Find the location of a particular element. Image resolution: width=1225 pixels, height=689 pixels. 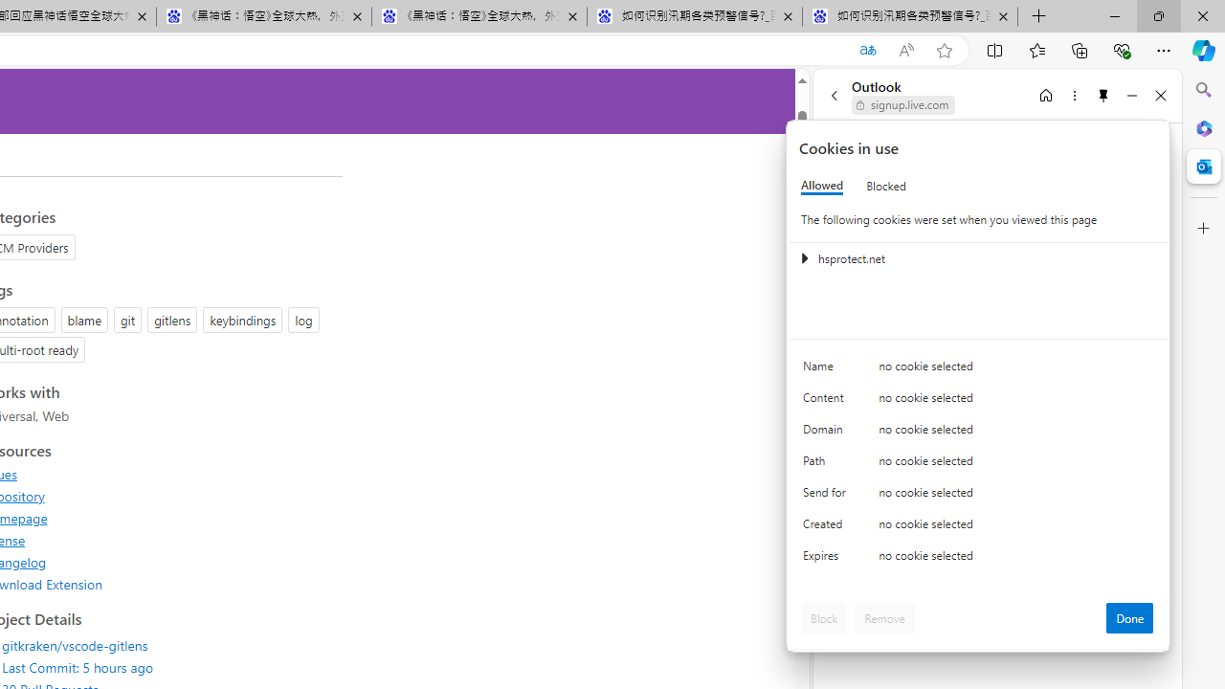

'Done' is located at coordinates (1129, 617).